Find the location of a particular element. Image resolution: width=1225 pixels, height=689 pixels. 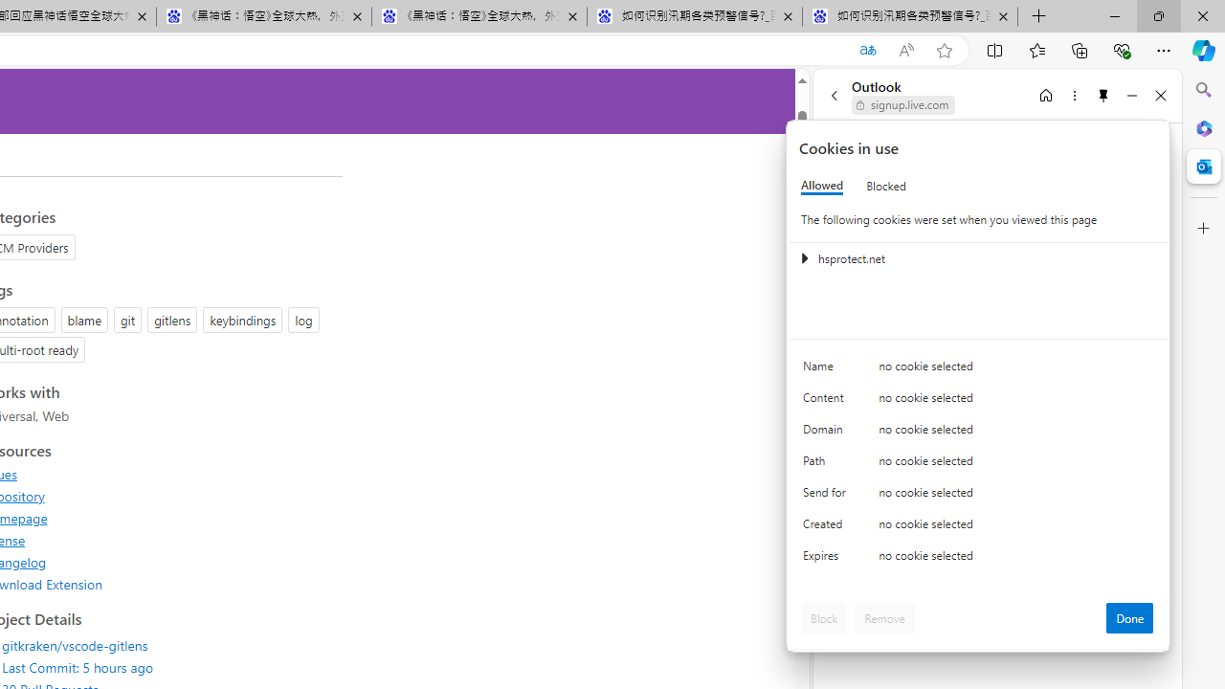

'Done' is located at coordinates (1129, 617).